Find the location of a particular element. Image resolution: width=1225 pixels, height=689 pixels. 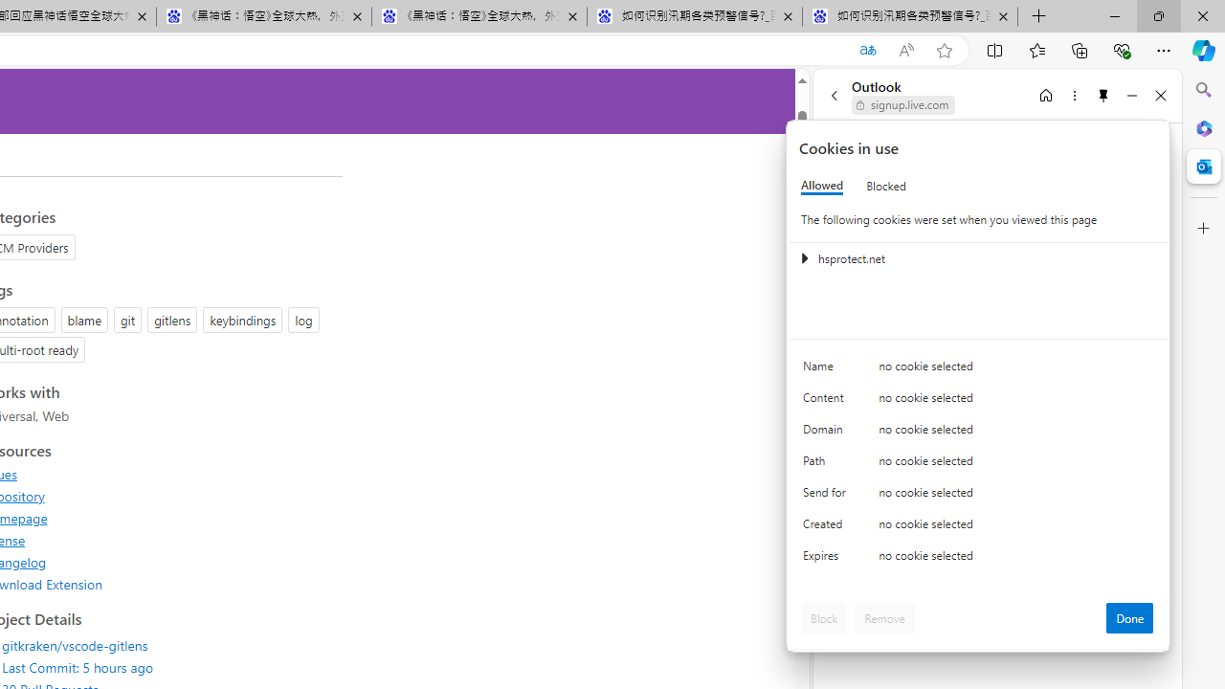

'Done' is located at coordinates (1129, 617).